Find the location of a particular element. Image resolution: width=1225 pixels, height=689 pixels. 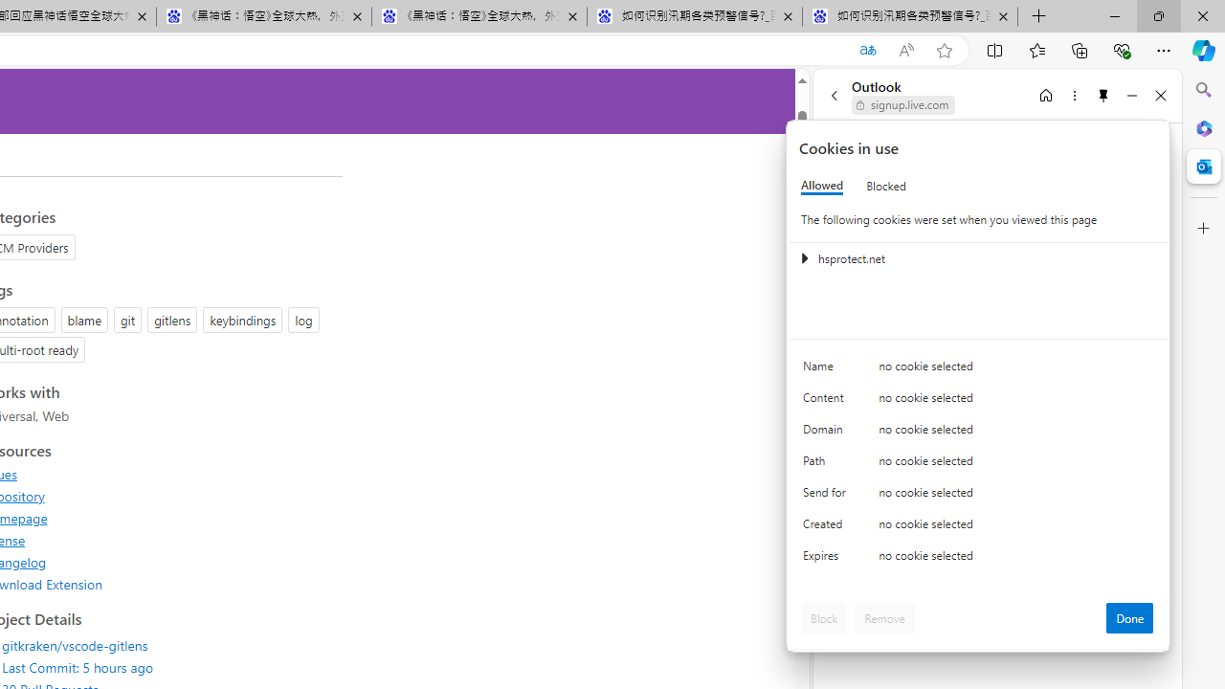

'Done' is located at coordinates (1129, 617).